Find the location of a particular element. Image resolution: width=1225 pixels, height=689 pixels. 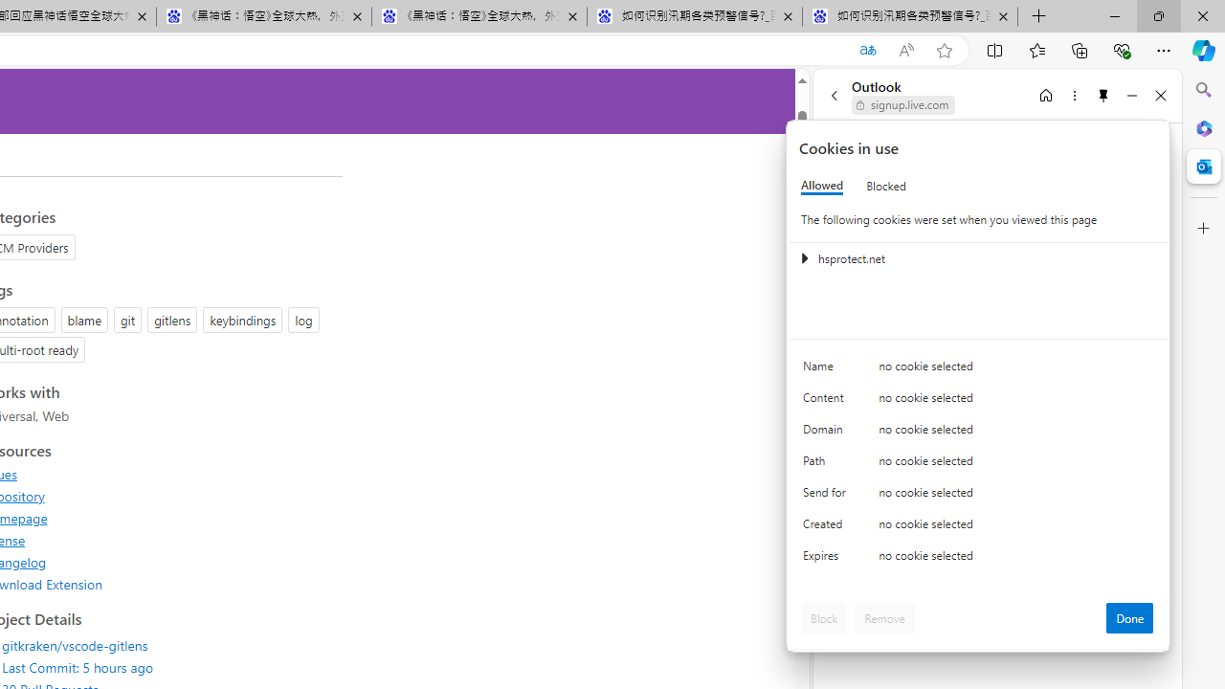

'Done' is located at coordinates (1129, 617).